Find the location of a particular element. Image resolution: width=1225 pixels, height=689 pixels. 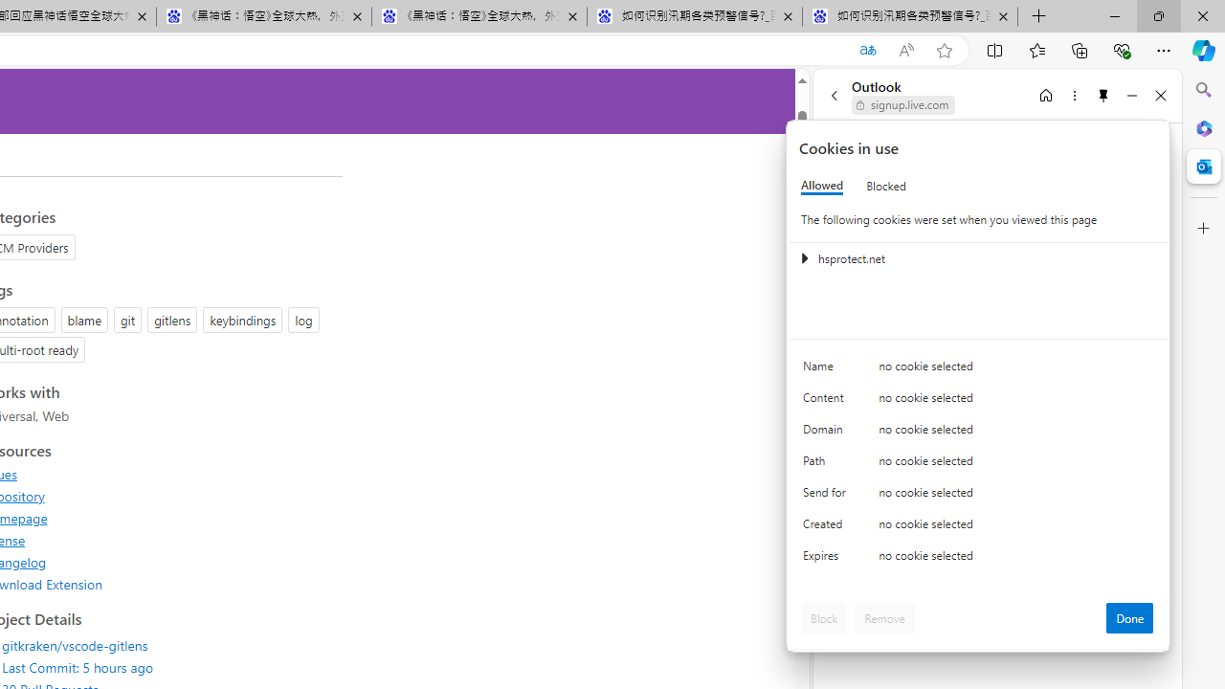

'Done' is located at coordinates (1129, 617).